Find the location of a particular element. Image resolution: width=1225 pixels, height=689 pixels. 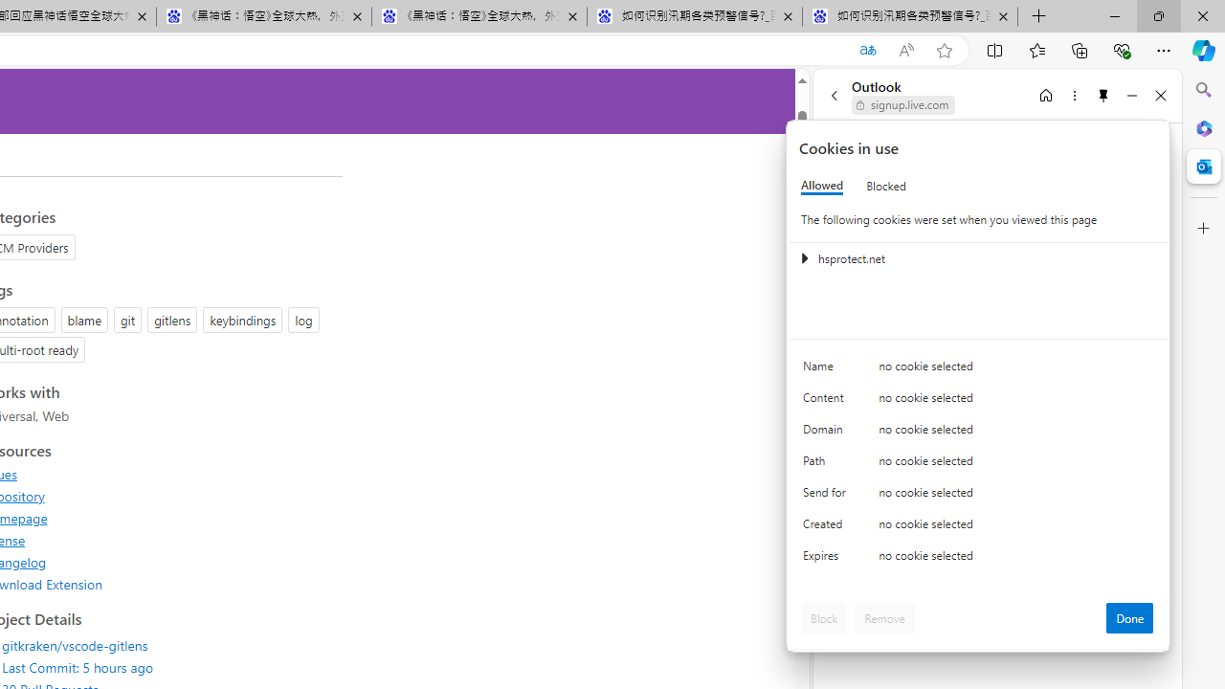

'Done' is located at coordinates (1129, 617).